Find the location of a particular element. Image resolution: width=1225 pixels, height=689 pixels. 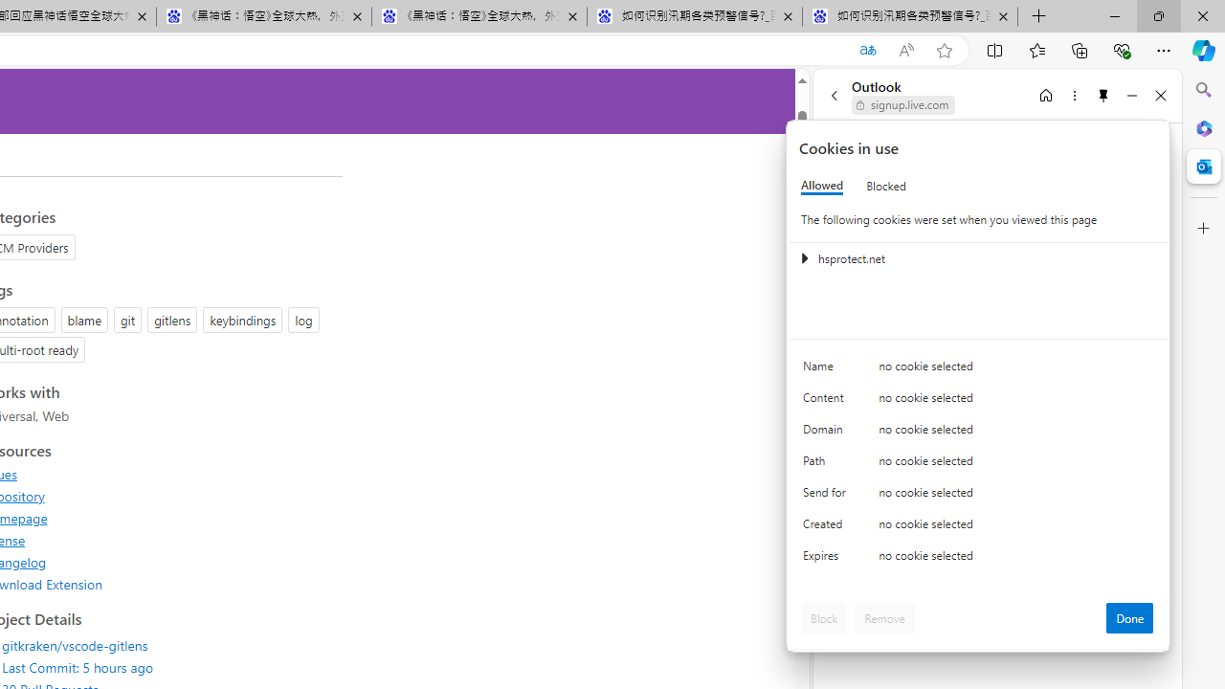

'Done' is located at coordinates (1129, 617).